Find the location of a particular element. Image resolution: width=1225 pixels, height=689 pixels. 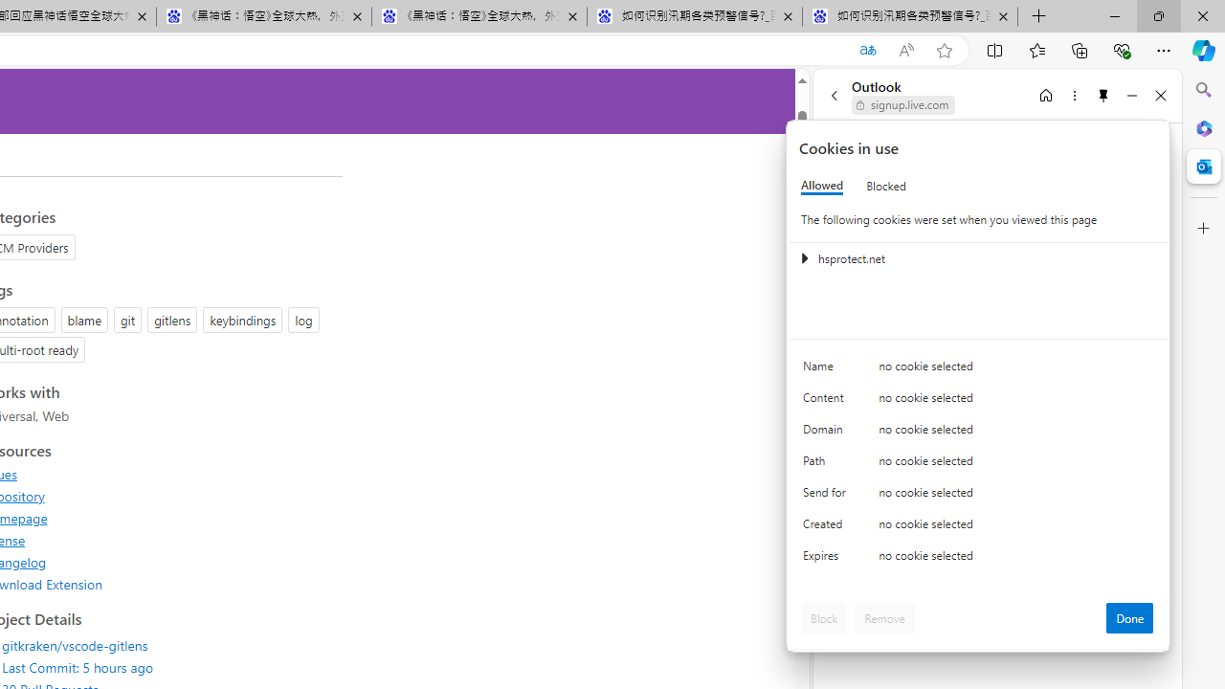

'Done' is located at coordinates (1129, 617).